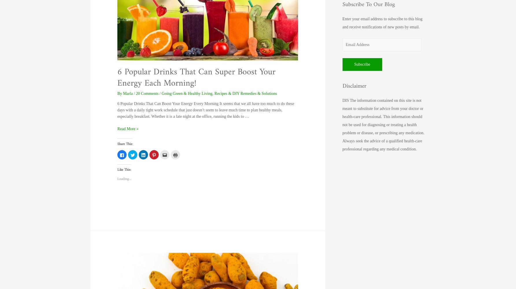 This screenshot has height=289, width=516. I want to click on 'Subscribe', so click(354, 64).